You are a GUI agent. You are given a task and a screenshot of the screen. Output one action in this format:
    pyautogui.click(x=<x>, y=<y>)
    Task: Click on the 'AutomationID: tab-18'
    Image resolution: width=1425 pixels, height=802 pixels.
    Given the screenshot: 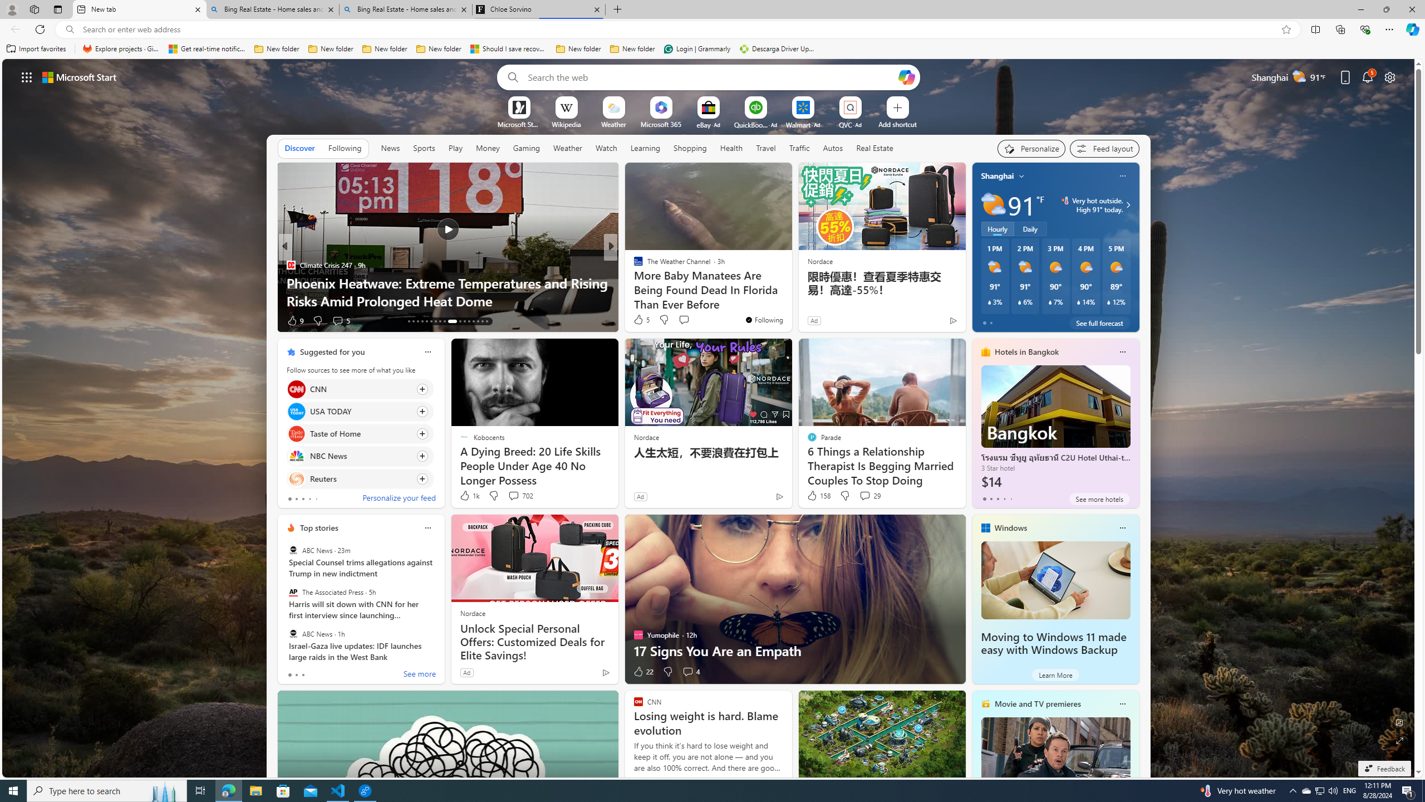 What is the action you would take?
    pyautogui.click(x=431, y=321)
    